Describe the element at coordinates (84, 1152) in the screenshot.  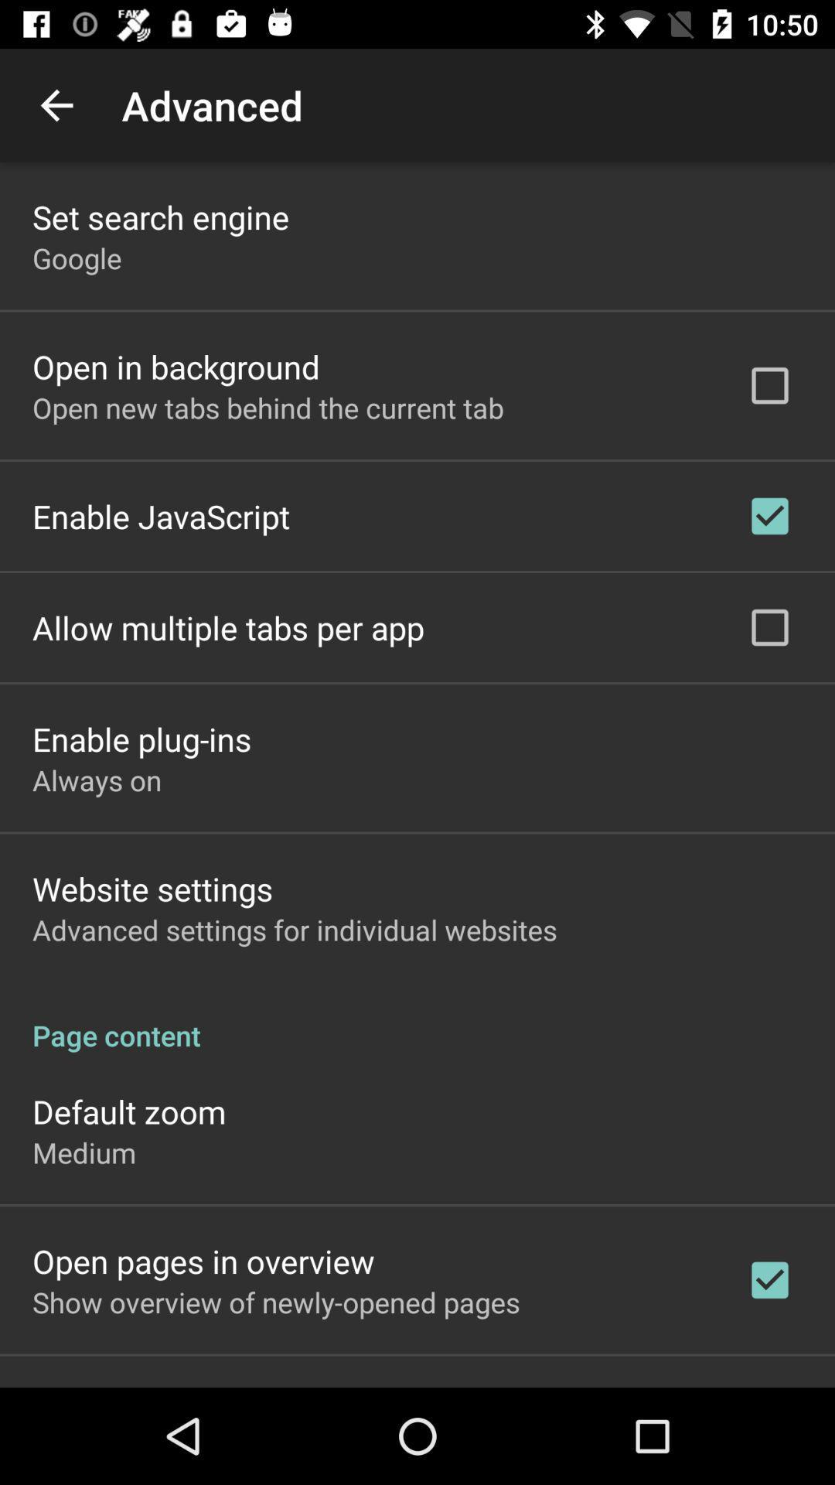
I see `medium app` at that location.